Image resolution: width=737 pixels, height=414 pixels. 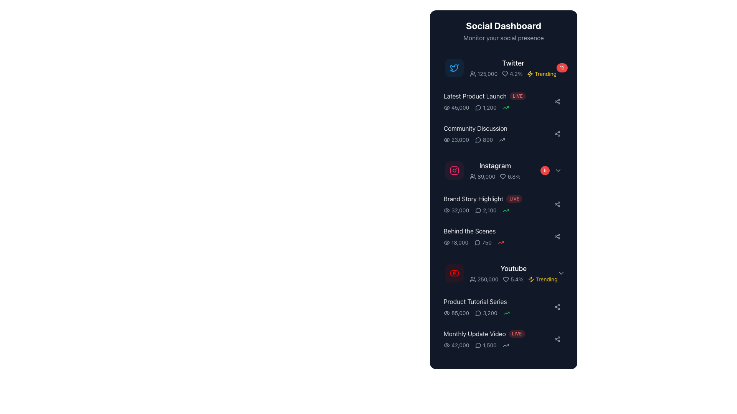 What do you see at coordinates (503, 236) in the screenshot?
I see `the fifth item in the 'Social Dashboard' that displays a social content summary, including a title, view count, comment count, and a trend indicator` at bounding box center [503, 236].